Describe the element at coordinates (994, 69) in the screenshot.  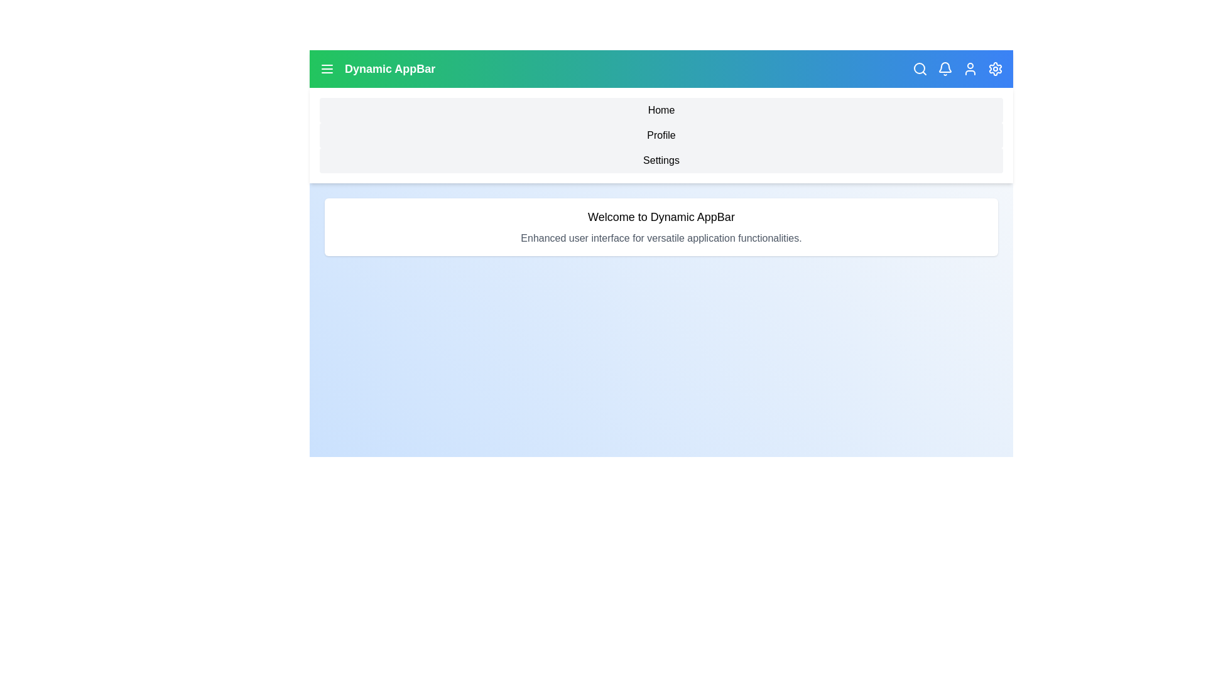
I see `the settings icon in the app bar` at that location.